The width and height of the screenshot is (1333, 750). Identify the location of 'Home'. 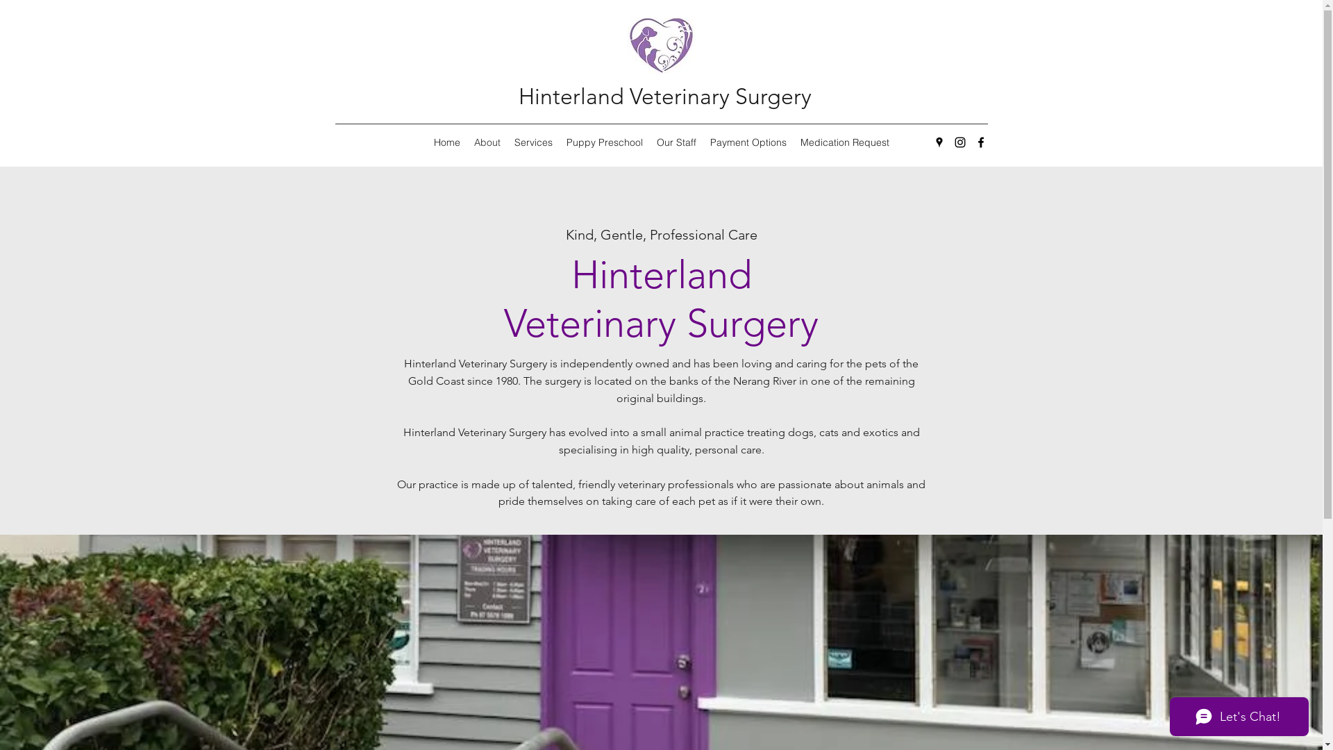
(426, 142).